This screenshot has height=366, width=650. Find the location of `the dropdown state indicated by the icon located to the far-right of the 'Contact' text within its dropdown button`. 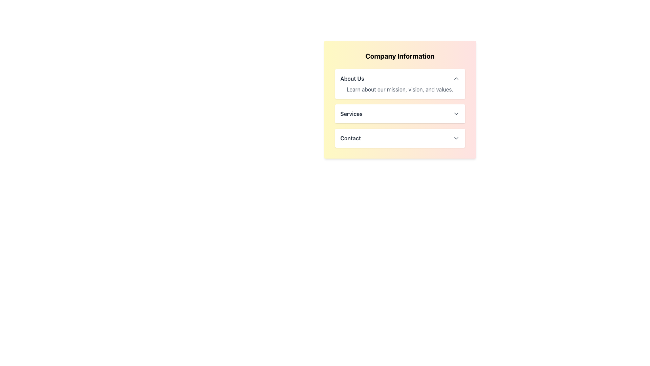

the dropdown state indicated by the icon located to the far-right of the 'Contact' text within its dropdown button is located at coordinates (456, 138).